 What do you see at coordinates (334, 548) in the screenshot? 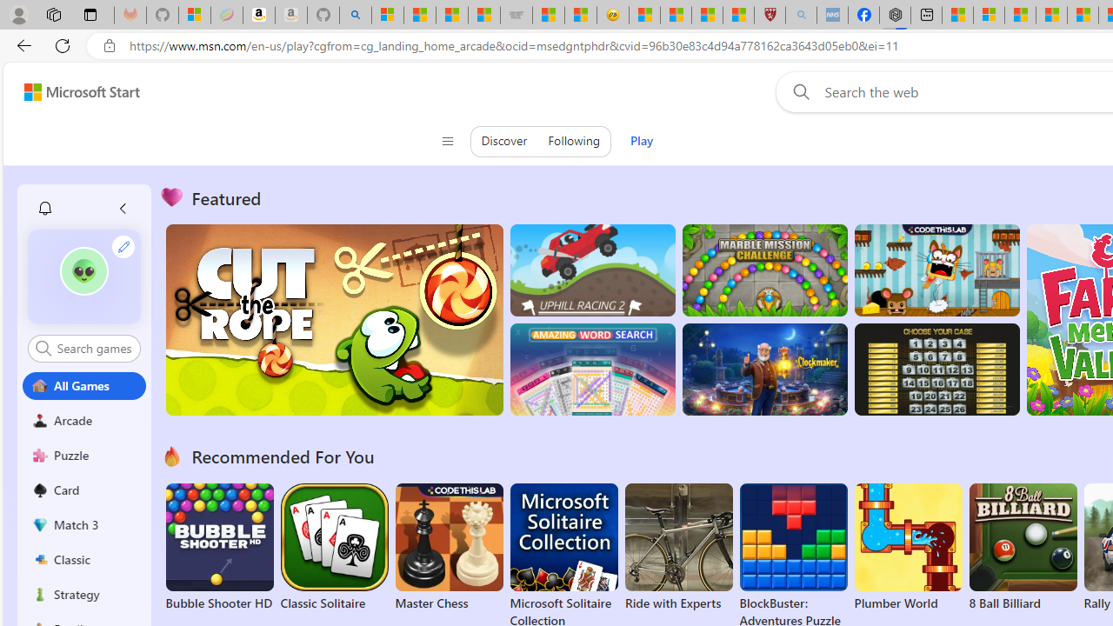
I see `'Classic Solitaire'` at bounding box center [334, 548].